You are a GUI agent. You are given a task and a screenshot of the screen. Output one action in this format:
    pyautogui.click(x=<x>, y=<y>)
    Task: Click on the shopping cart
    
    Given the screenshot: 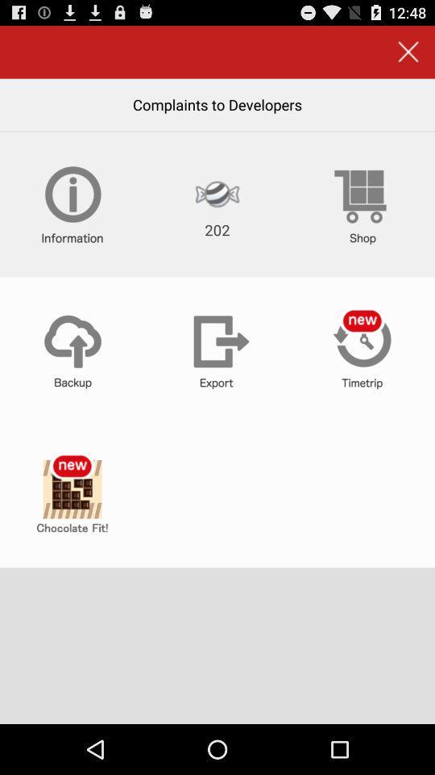 What is the action you would take?
    pyautogui.click(x=362, y=203)
    